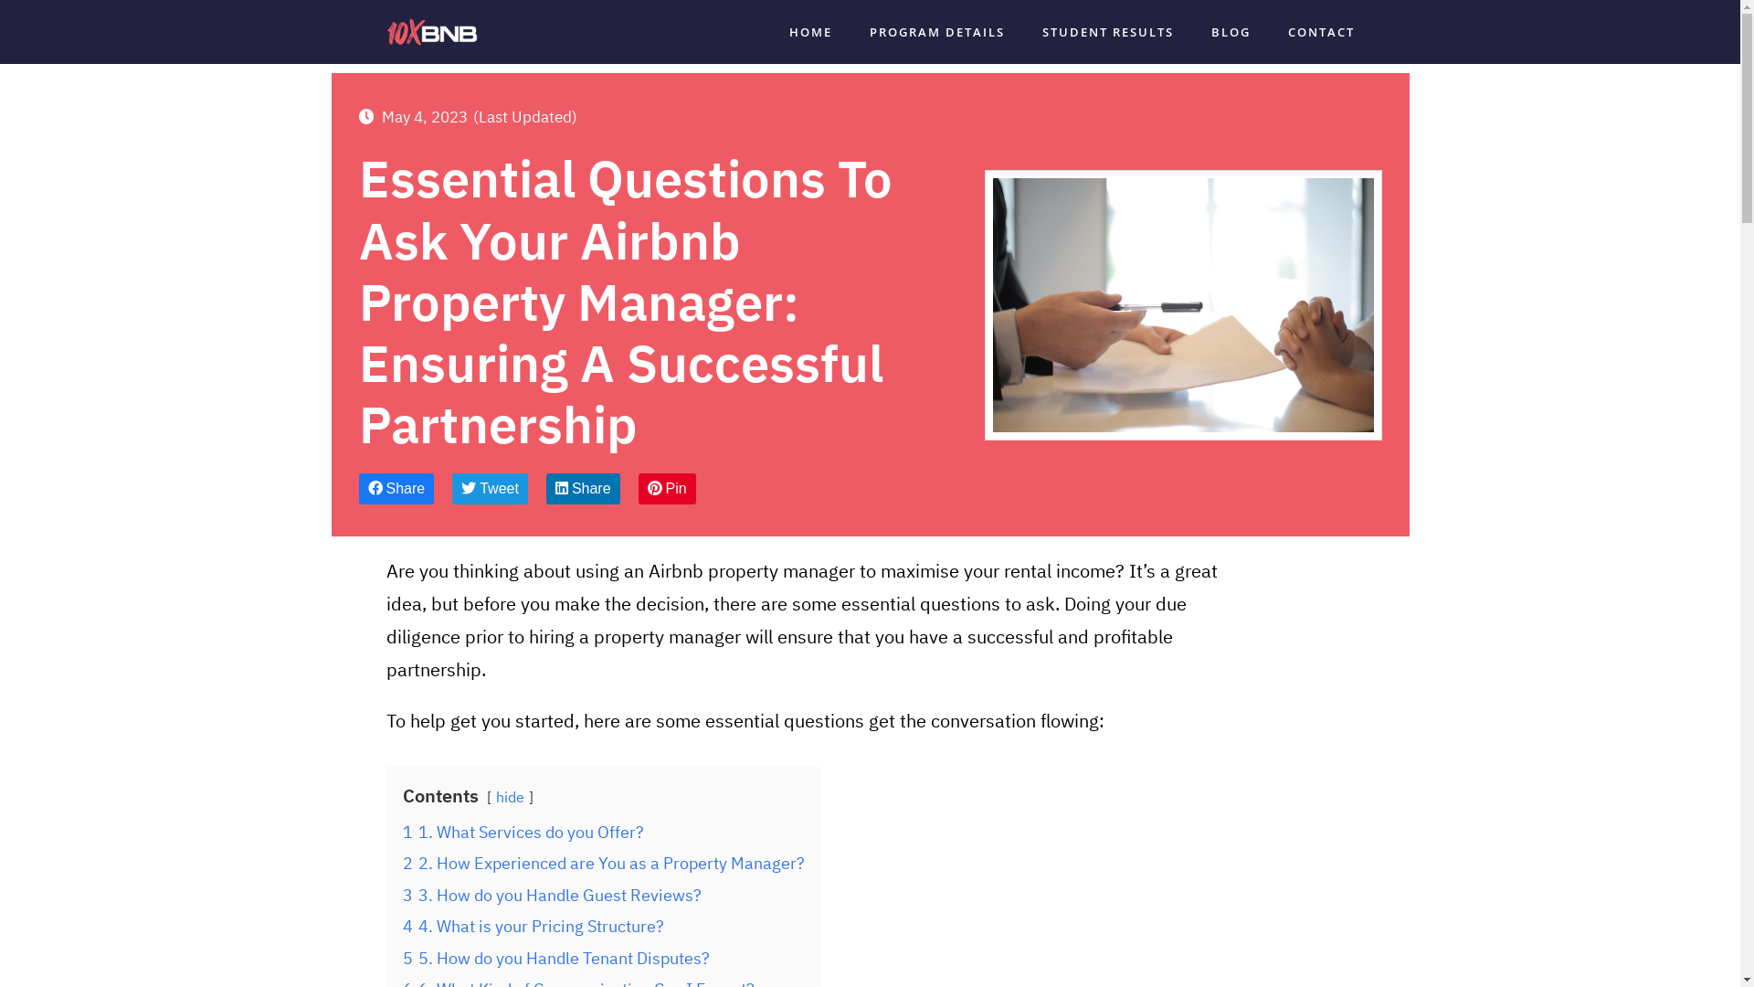 The width and height of the screenshot is (1754, 987). What do you see at coordinates (1210, 31) in the screenshot?
I see `'BLOG'` at bounding box center [1210, 31].